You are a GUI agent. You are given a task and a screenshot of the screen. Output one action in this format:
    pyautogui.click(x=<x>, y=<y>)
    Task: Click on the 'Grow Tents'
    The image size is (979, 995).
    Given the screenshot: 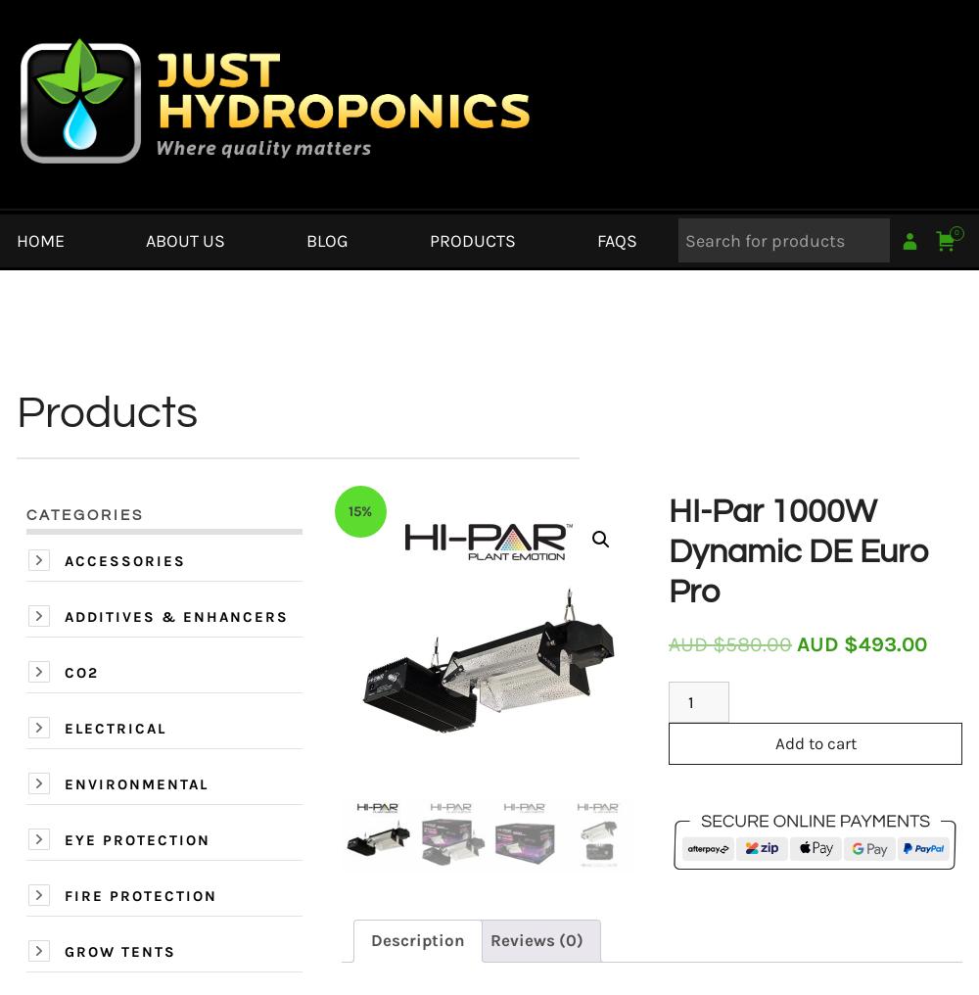 What is the action you would take?
    pyautogui.click(x=119, y=952)
    